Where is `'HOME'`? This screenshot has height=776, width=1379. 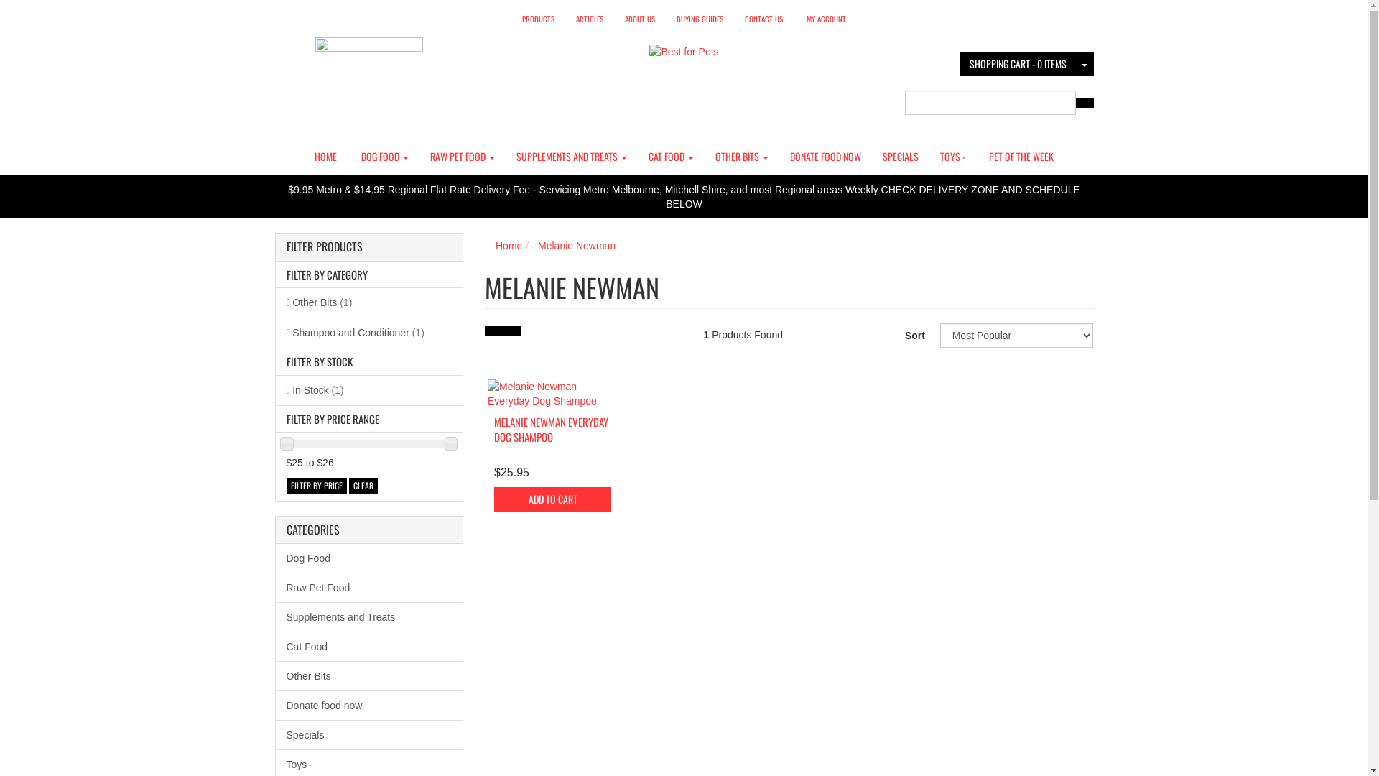
'HOME' is located at coordinates (325, 157).